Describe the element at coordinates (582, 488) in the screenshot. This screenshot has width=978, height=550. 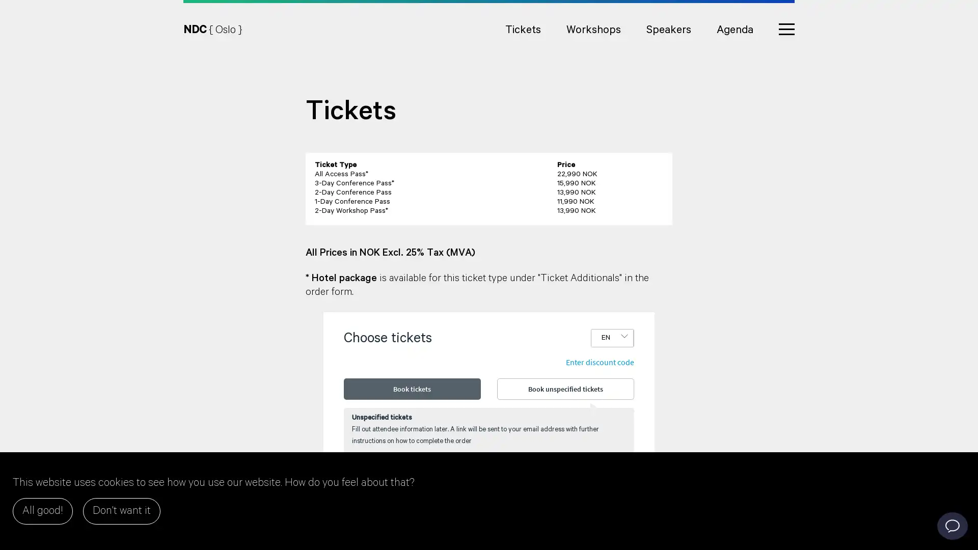
I see `Remove one ticket` at that location.